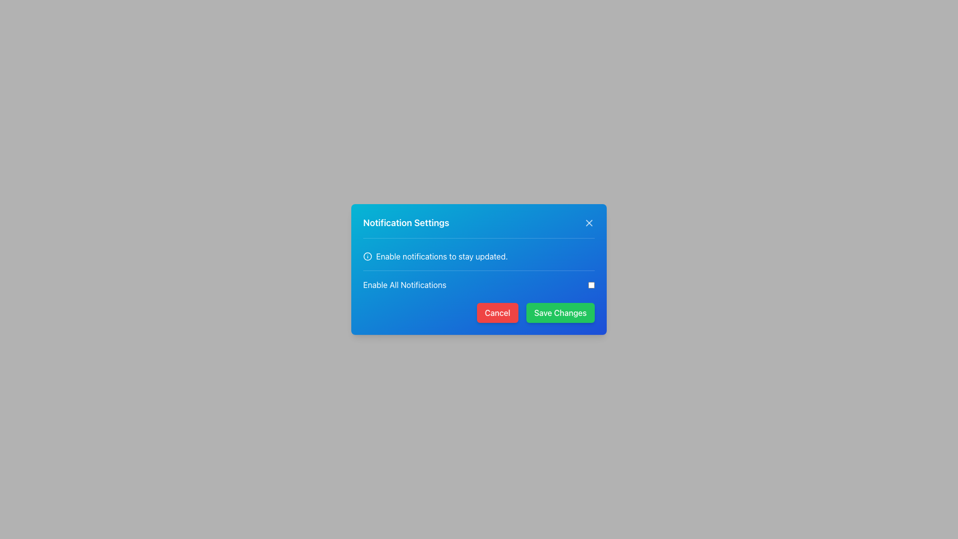 The image size is (958, 539). I want to click on text label that says 'Enable All Notifications', which is styled in white and located below the 'Enable notifications to stay updated.' option within the 'Notification Settings' section of the dialog box, so click(405, 284).